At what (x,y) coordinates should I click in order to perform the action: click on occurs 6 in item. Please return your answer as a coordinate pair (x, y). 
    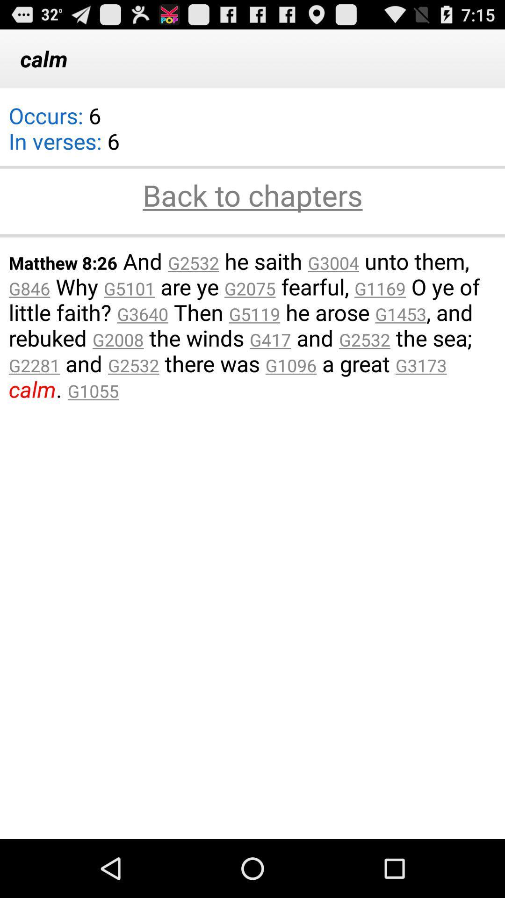
    Looking at the image, I should click on (64, 134).